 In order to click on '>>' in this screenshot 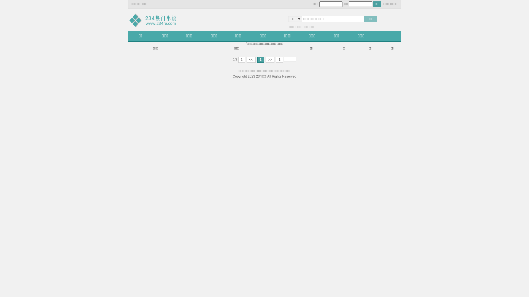, I will do `click(270, 59)`.